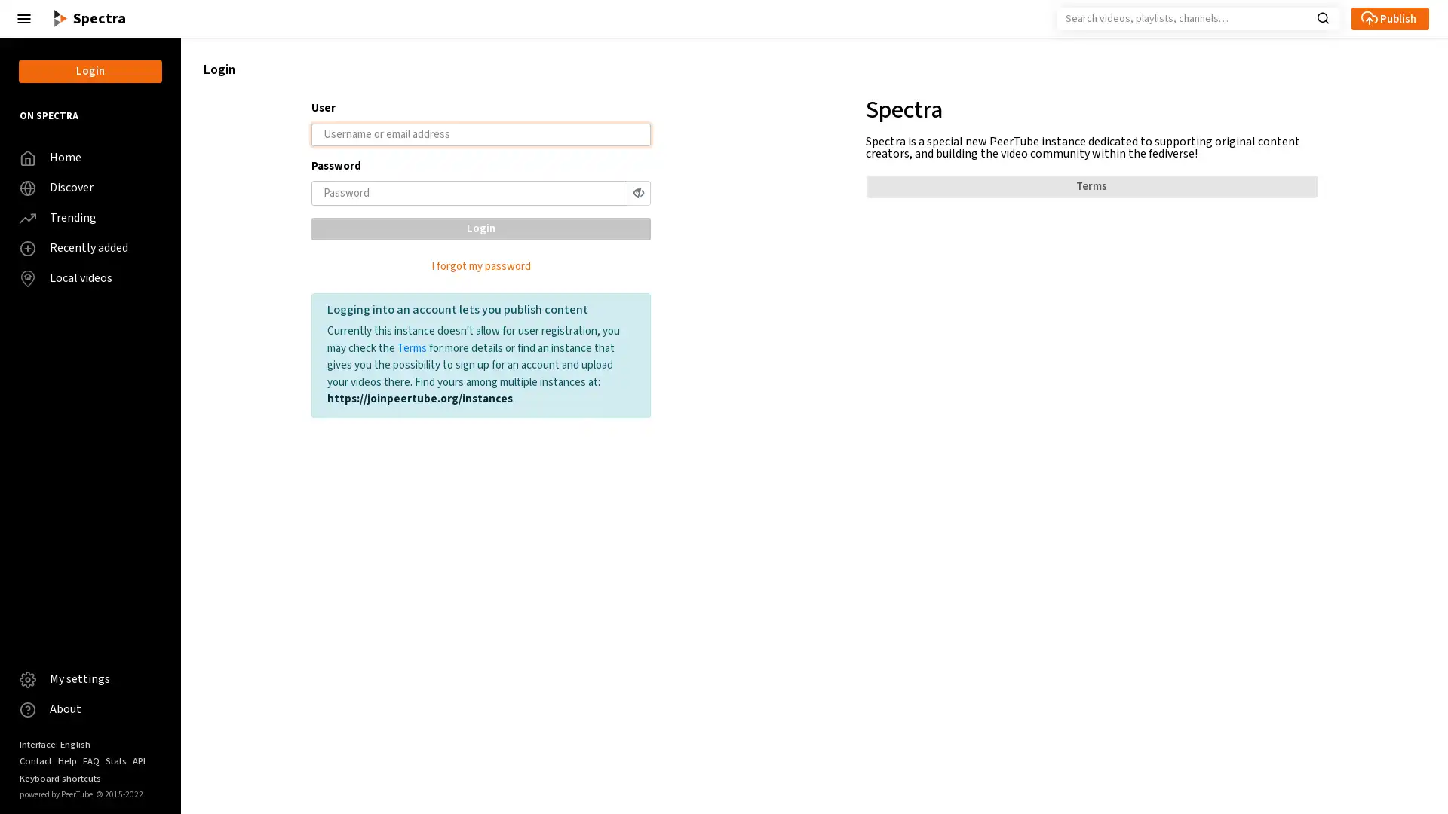 The image size is (1448, 814). I want to click on Login, so click(480, 228).